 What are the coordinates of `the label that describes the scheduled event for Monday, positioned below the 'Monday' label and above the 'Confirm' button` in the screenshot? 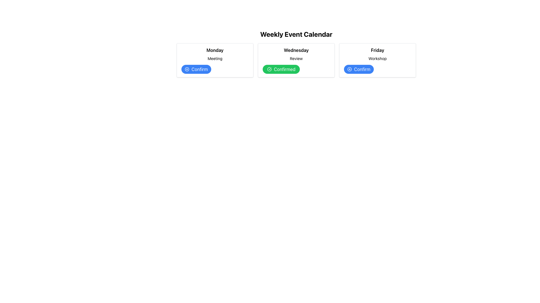 It's located at (215, 58).